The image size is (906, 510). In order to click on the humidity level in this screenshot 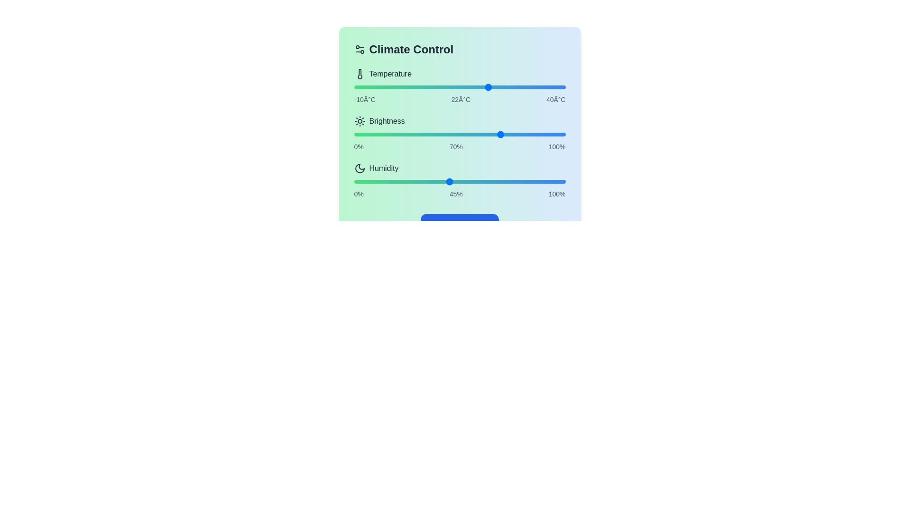, I will do `click(421, 182)`.